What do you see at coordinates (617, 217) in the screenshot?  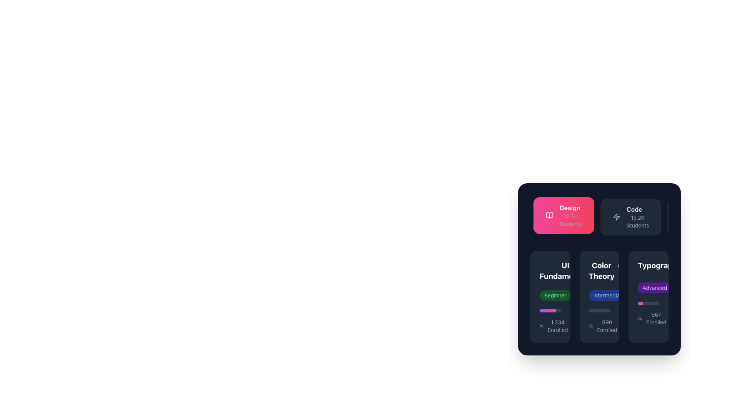 I see `the lightning bolt icon located in the 'Code' section` at bounding box center [617, 217].